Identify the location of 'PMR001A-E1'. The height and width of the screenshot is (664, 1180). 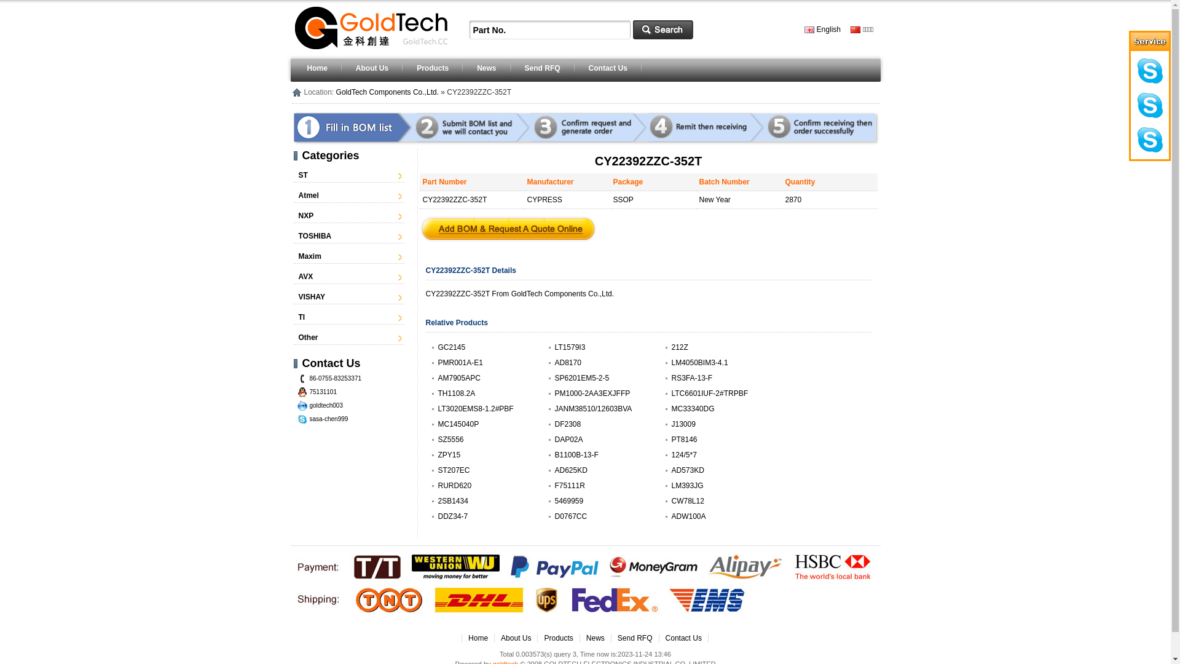
(459, 362).